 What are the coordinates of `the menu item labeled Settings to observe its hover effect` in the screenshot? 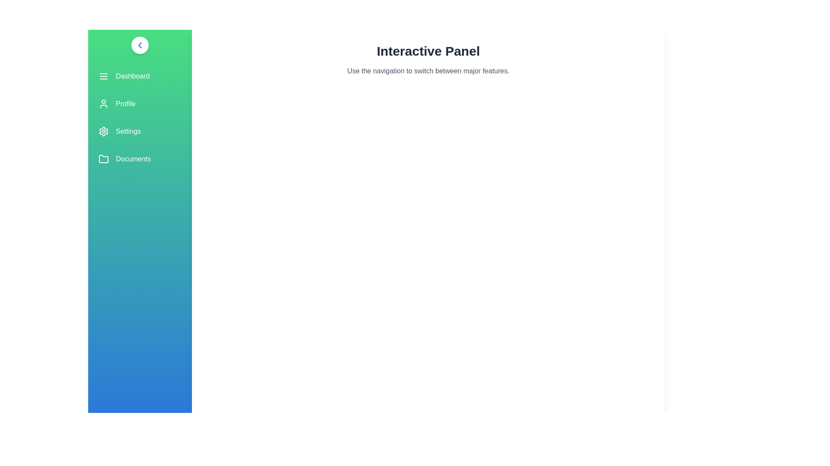 It's located at (140, 131).